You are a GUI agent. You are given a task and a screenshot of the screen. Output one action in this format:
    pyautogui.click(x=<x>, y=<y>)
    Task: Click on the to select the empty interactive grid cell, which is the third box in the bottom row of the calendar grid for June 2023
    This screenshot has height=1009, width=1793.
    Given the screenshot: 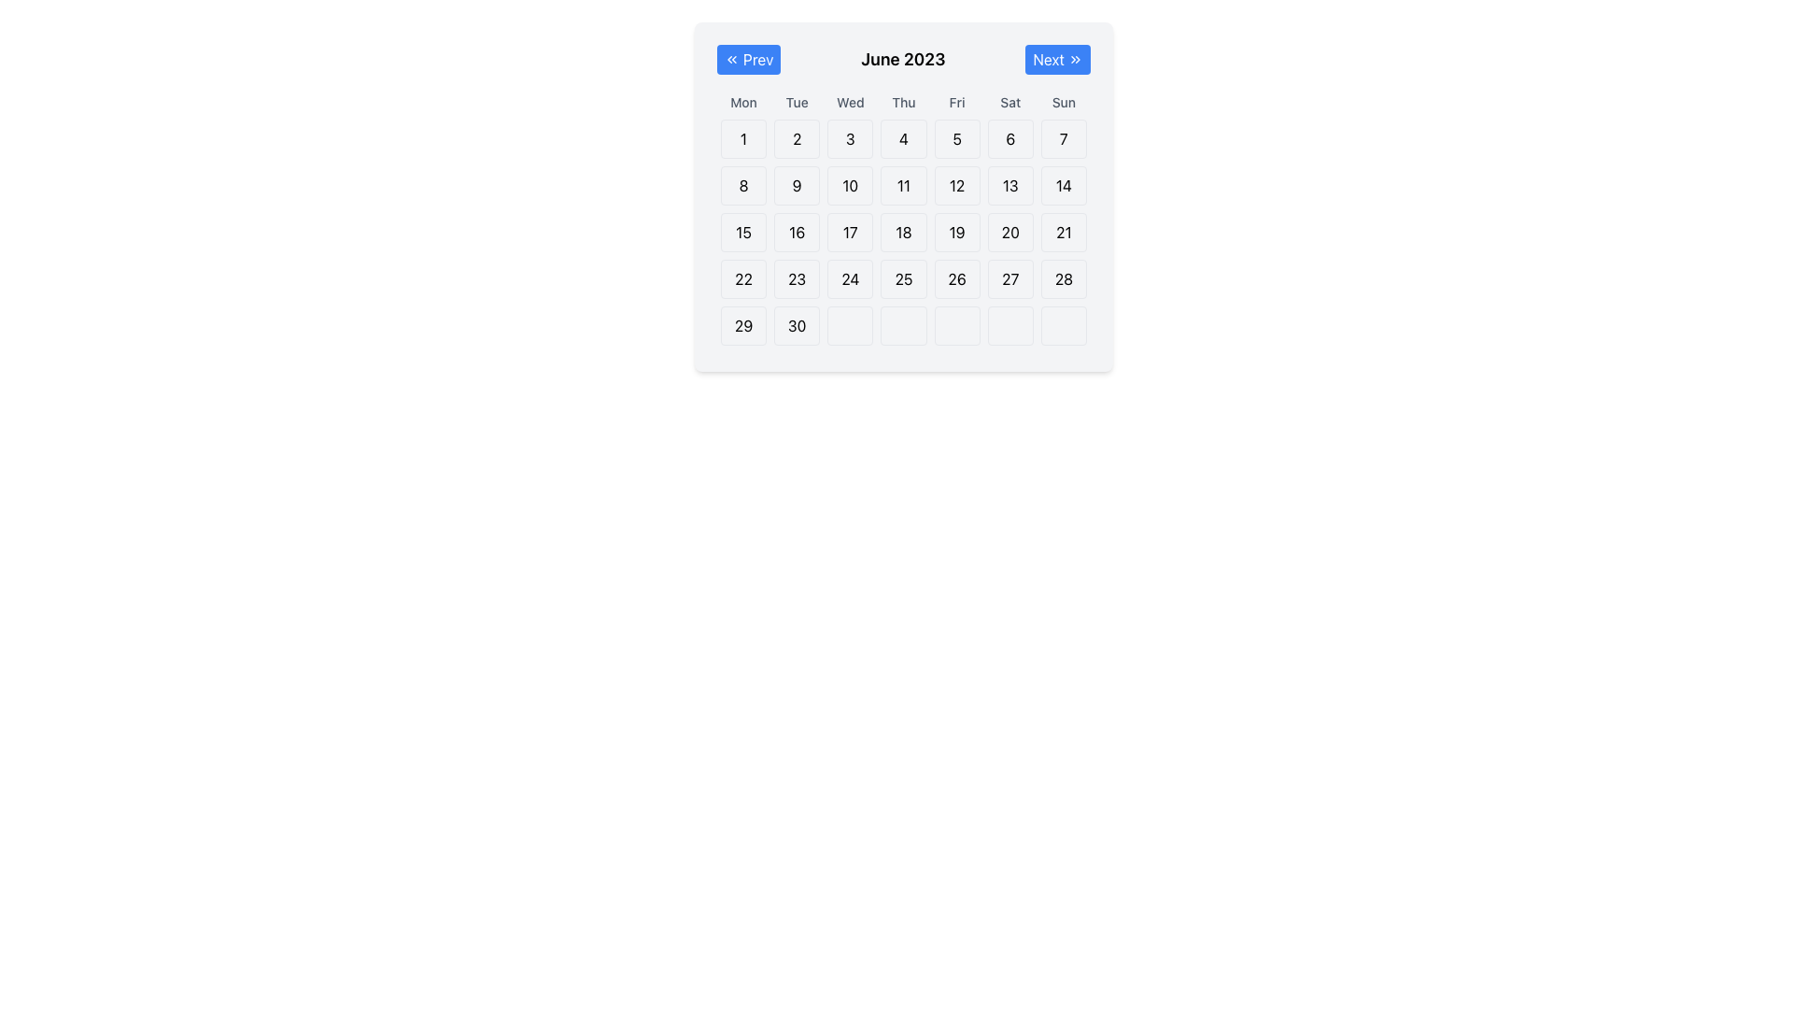 What is the action you would take?
    pyautogui.click(x=849, y=324)
    